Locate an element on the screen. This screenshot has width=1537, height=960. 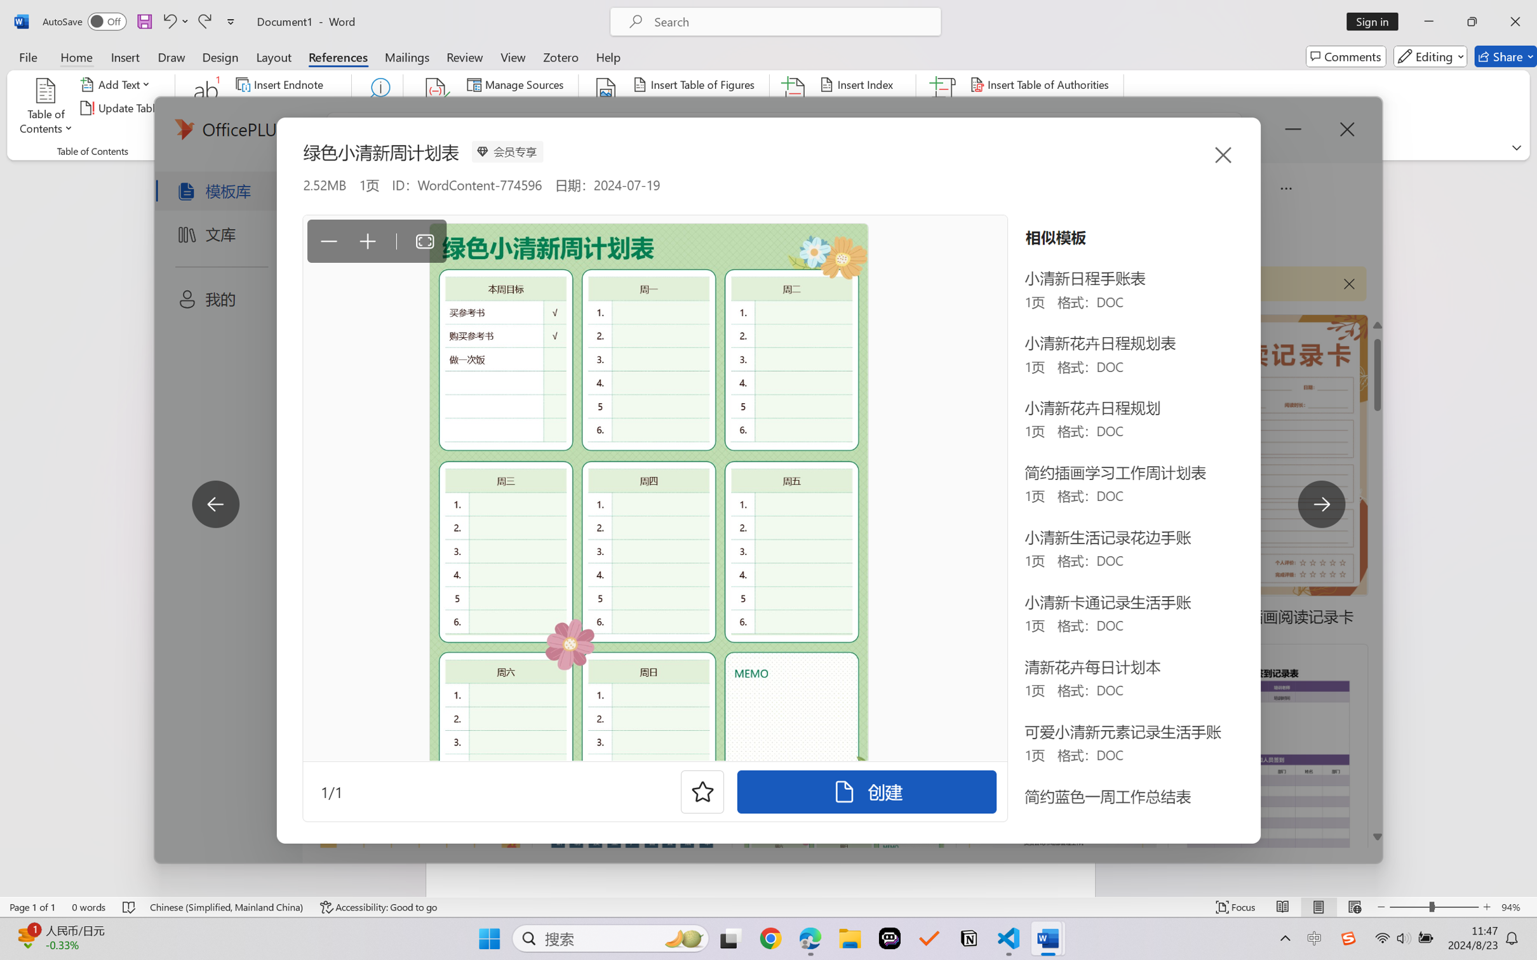
'Manage Sources...' is located at coordinates (517, 83).